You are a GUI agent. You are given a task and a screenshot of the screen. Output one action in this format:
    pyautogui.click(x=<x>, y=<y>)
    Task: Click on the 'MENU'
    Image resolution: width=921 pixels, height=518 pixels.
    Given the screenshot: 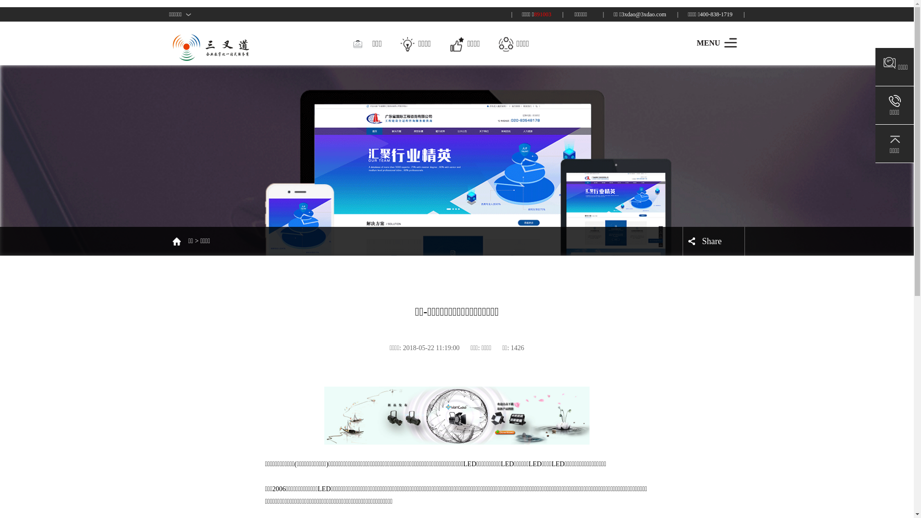 What is the action you would take?
    pyautogui.click(x=729, y=42)
    